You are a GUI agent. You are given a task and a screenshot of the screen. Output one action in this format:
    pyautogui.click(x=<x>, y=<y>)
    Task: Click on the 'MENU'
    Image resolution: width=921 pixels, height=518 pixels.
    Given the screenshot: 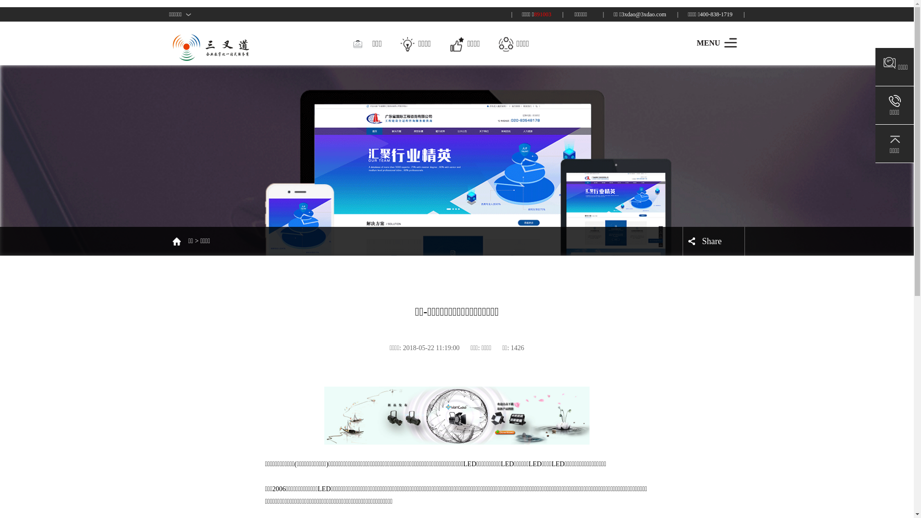 What is the action you would take?
    pyautogui.click(x=729, y=42)
    